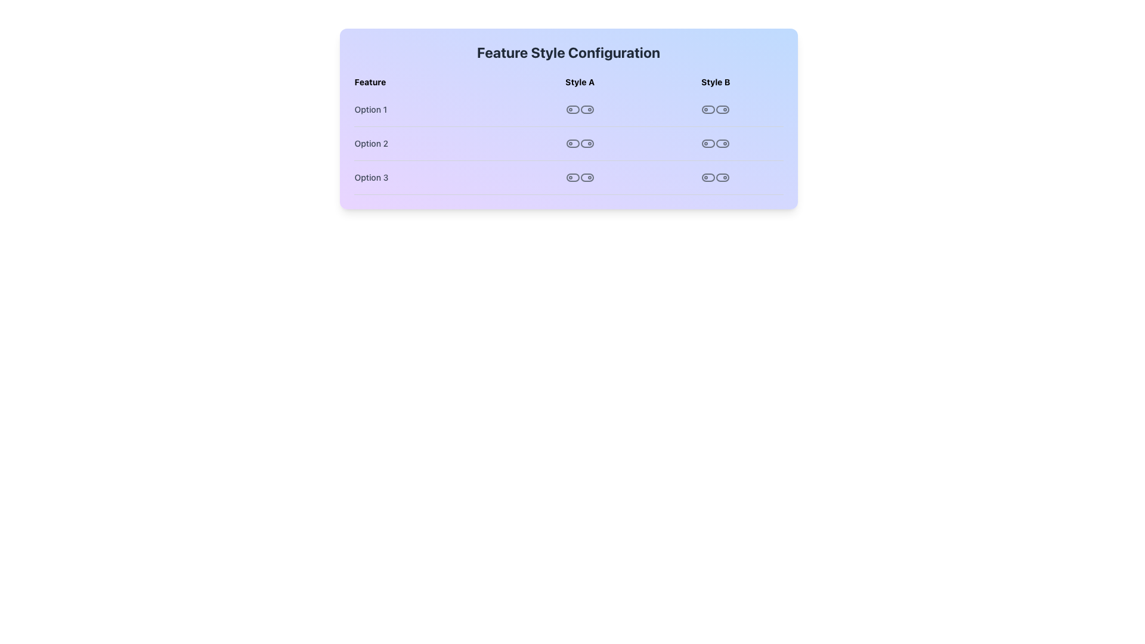 The height and width of the screenshot is (644, 1145). I want to click on the toggle switch background located in the bottom row of the Style B column for Option 3 by clicking on it, so click(708, 177).